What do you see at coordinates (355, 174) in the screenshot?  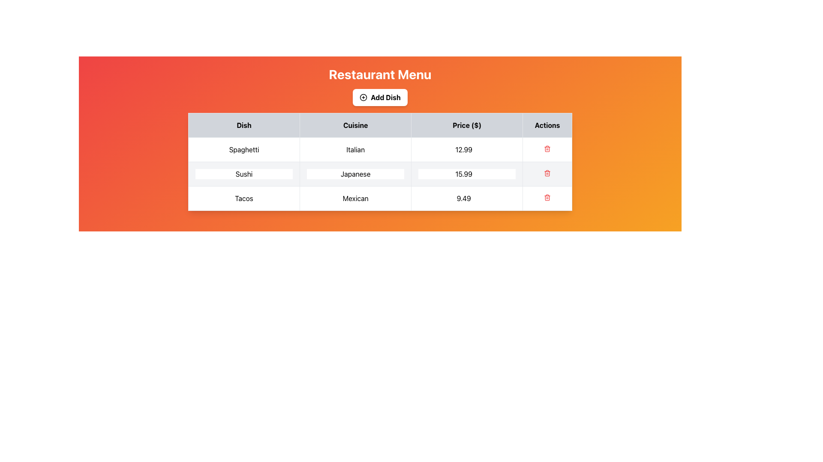 I see `the text input field for 'Cuisine' in the row labeled 'Sushi', which contains the value 'Japanese'` at bounding box center [355, 174].